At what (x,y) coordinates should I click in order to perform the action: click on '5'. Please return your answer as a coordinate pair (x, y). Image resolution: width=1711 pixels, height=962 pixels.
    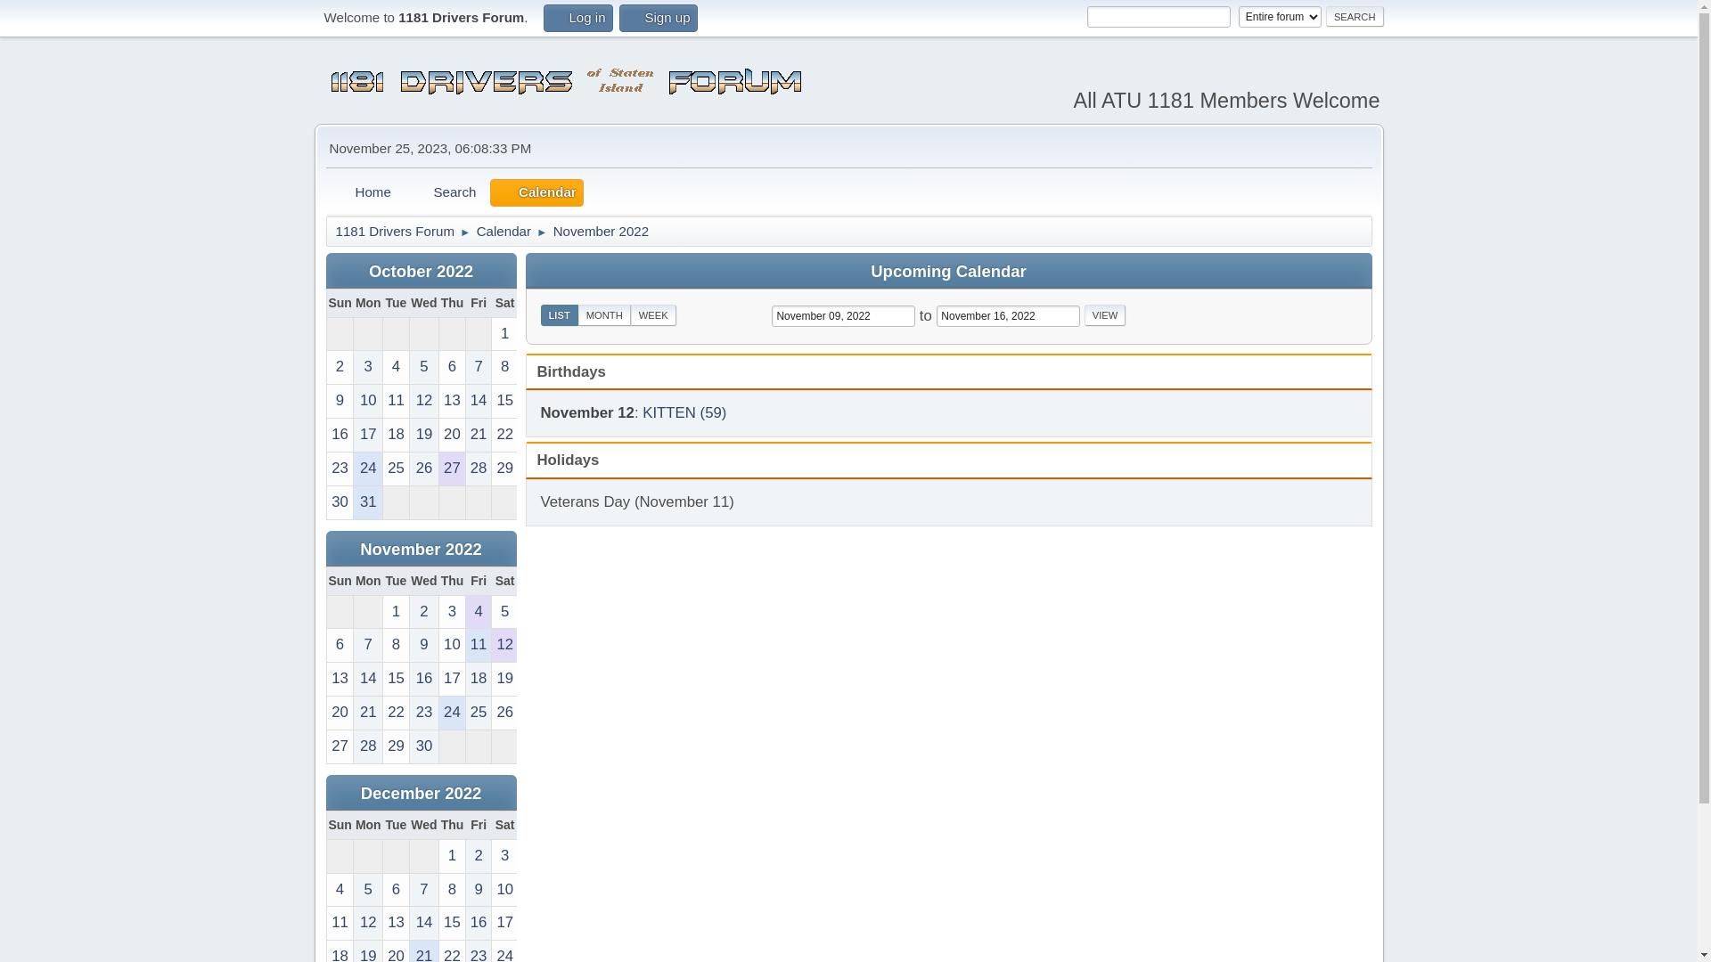
    Looking at the image, I should click on (366, 890).